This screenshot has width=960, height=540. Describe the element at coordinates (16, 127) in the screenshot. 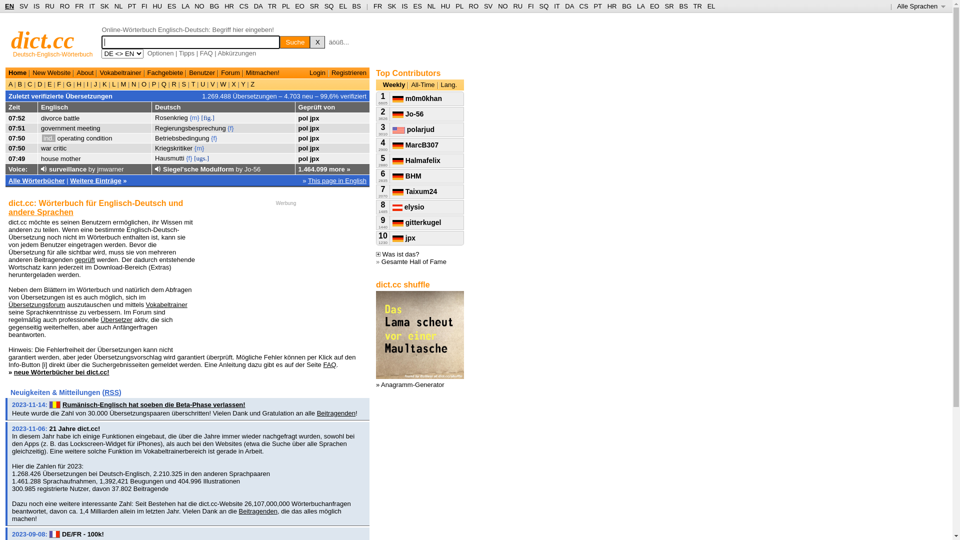

I see `'07:51'` at that location.